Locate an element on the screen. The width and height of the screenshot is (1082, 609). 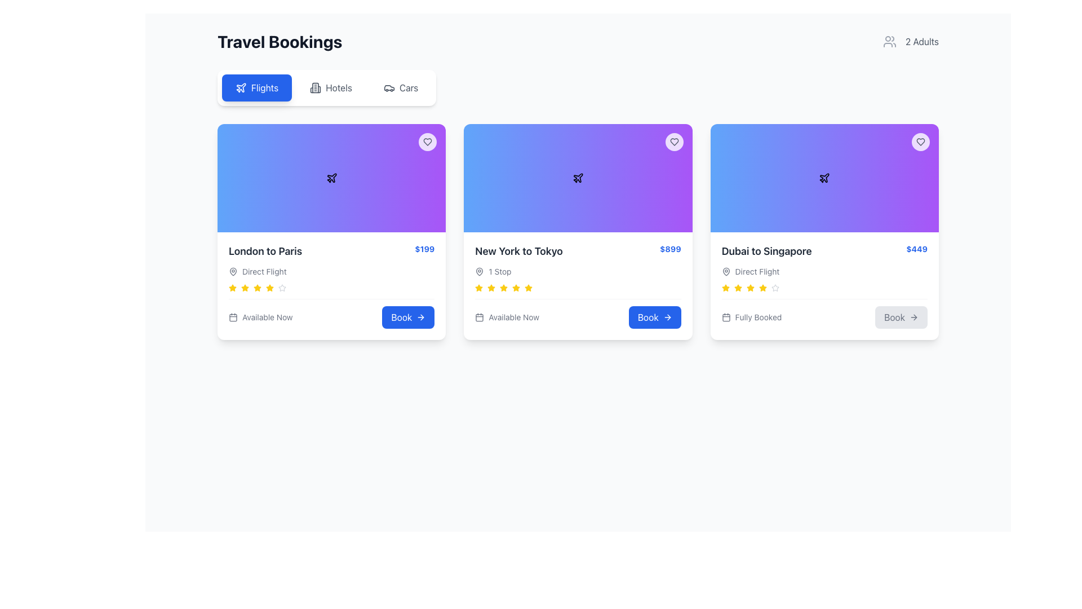
the fourth star icon in the rating section of the card titled 'New York to Tokyo' to rate the content is located at coordinates (516, 287).